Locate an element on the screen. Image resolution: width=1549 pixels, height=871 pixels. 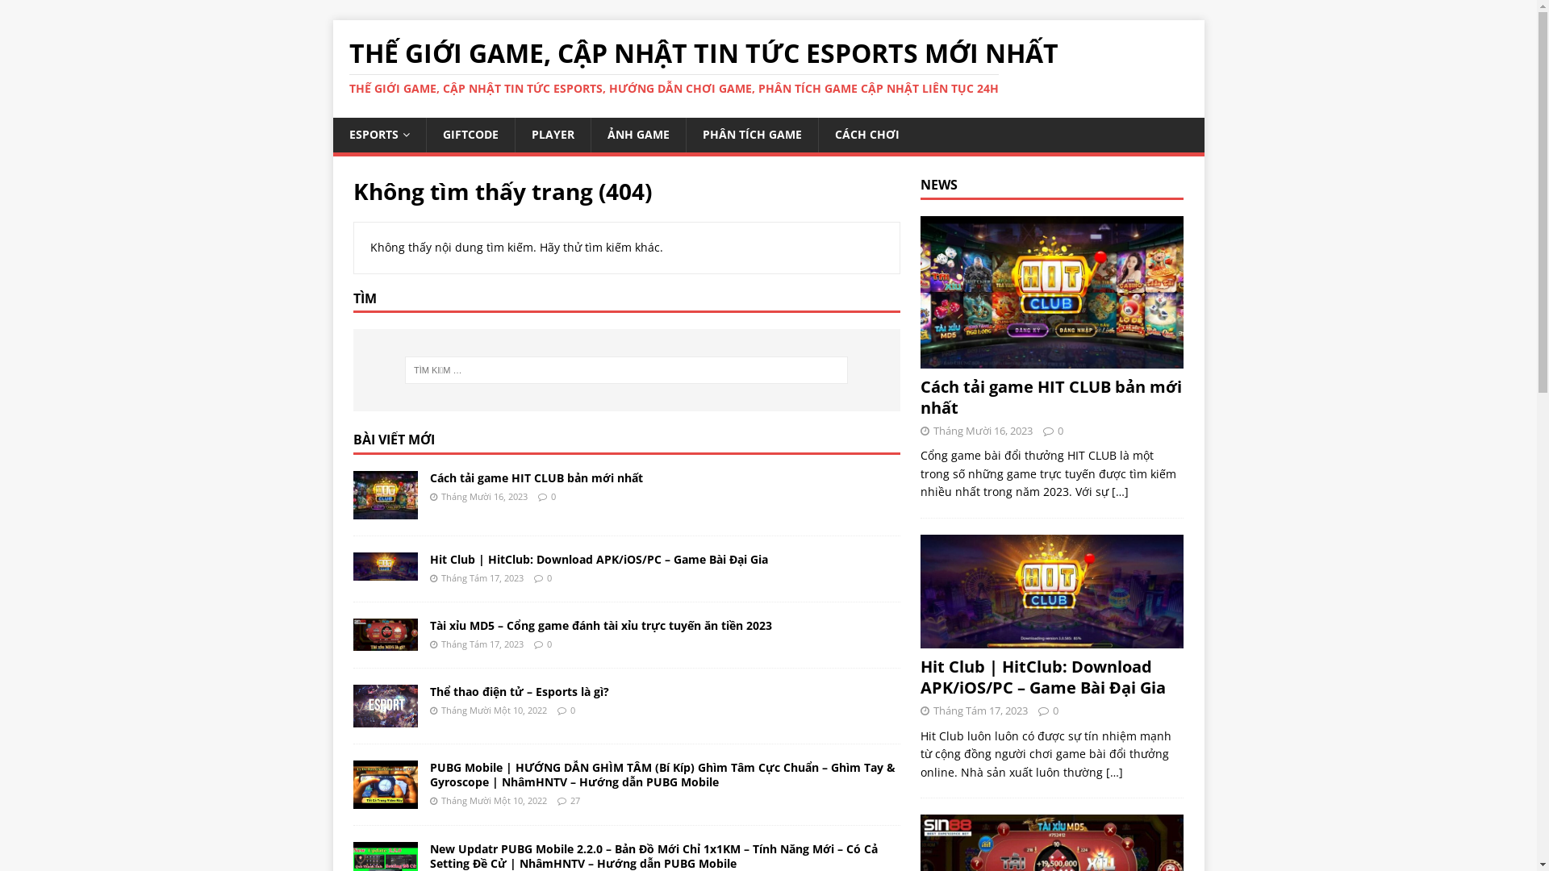
'0' is located at coordinates (546, 577).